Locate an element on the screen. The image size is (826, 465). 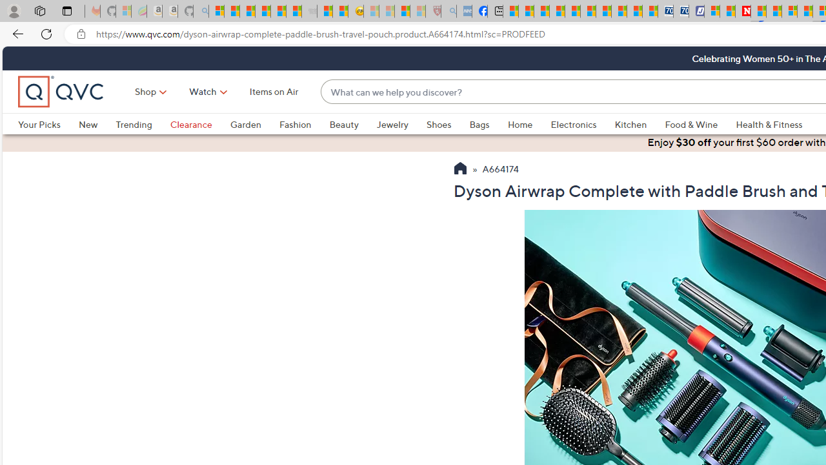
'Kitchen' is located at coordinates (630, 124).